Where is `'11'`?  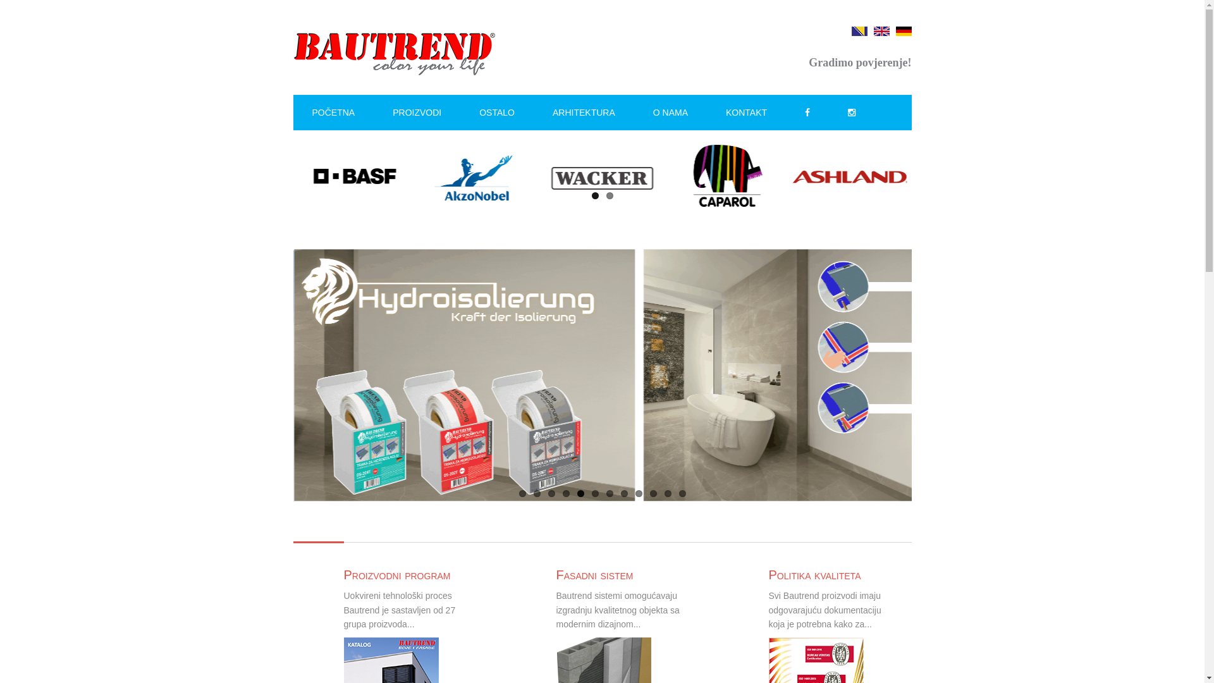 '11' is located at coordinates (666, 493).